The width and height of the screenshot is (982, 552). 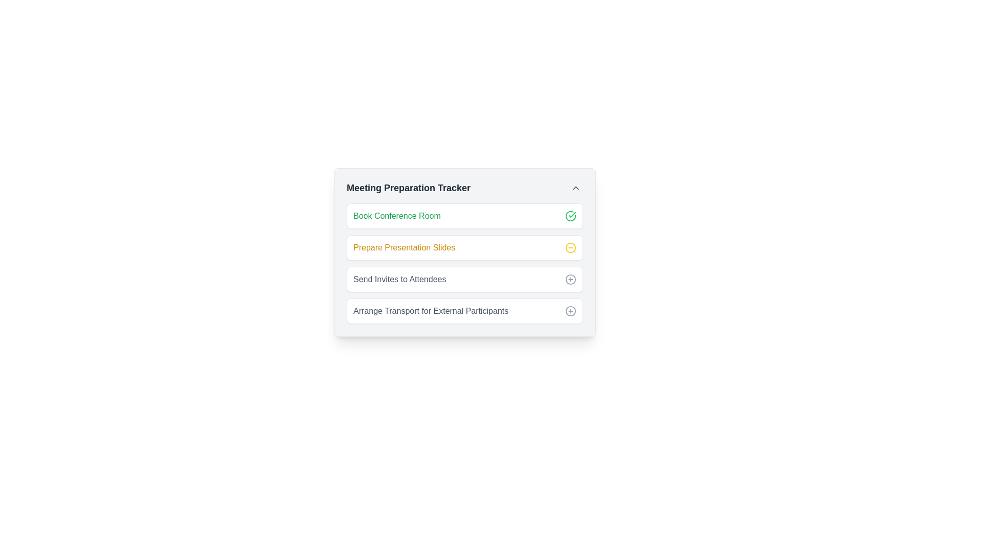 What do you see at coordinates (464, 216) in the screenshot?
I see `the task item component titled 'Book Conference Room' in the checklist interface` at bounding box center [464, 216].